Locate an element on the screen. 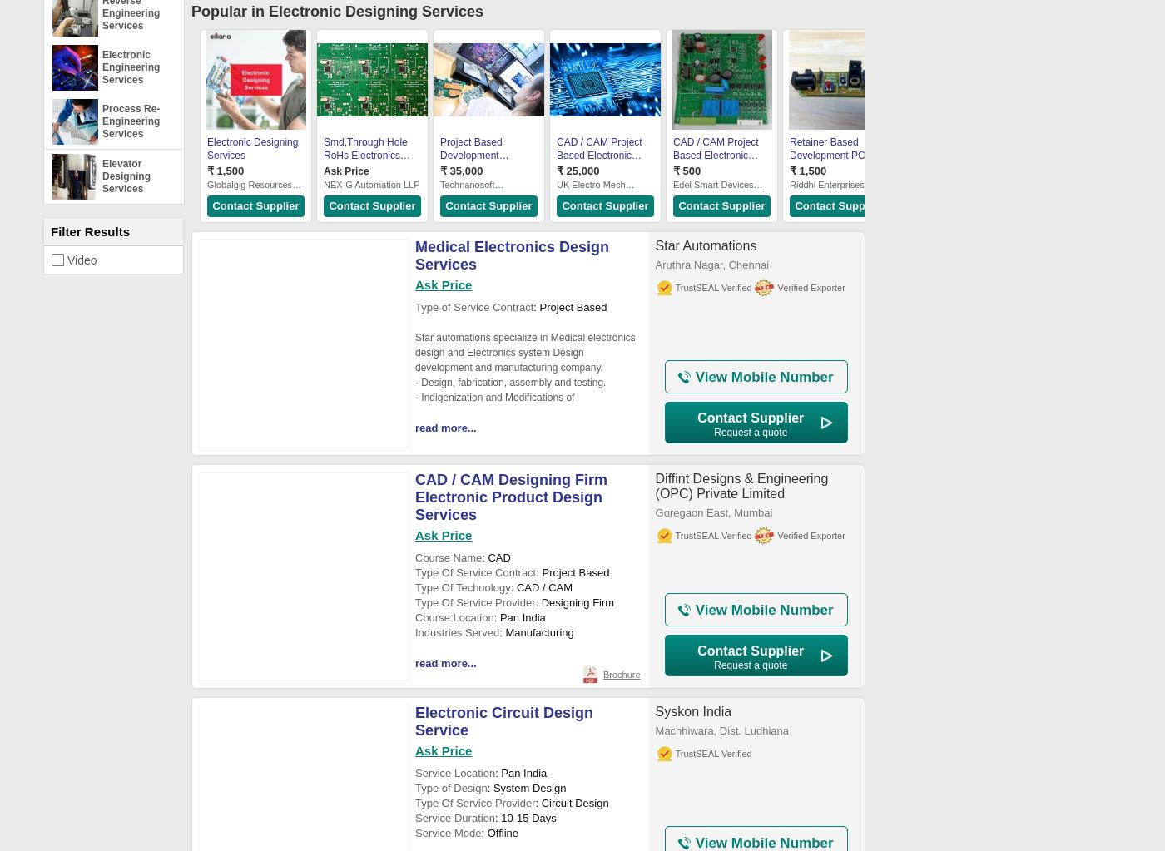 The image size is (1165, 851). 'Type of Service Contract' is located at coordinates (473, 306).